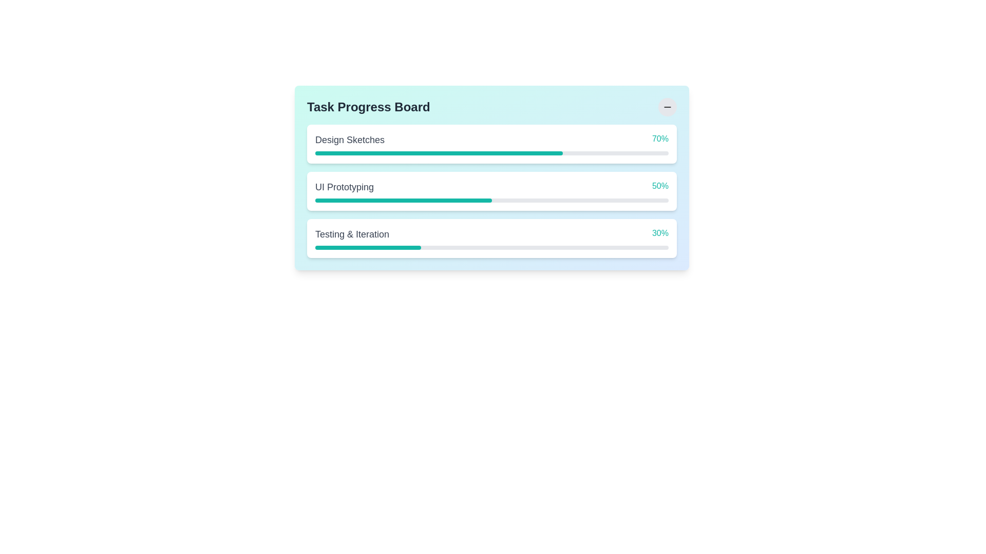 The image size is (986, 554). Describe the element at coordinates (660, 140) in the screenshot. I see `the static text display indicating the completion percentage for the 'Design Sketches' task, located on the right side of the progress board interface` at that location.